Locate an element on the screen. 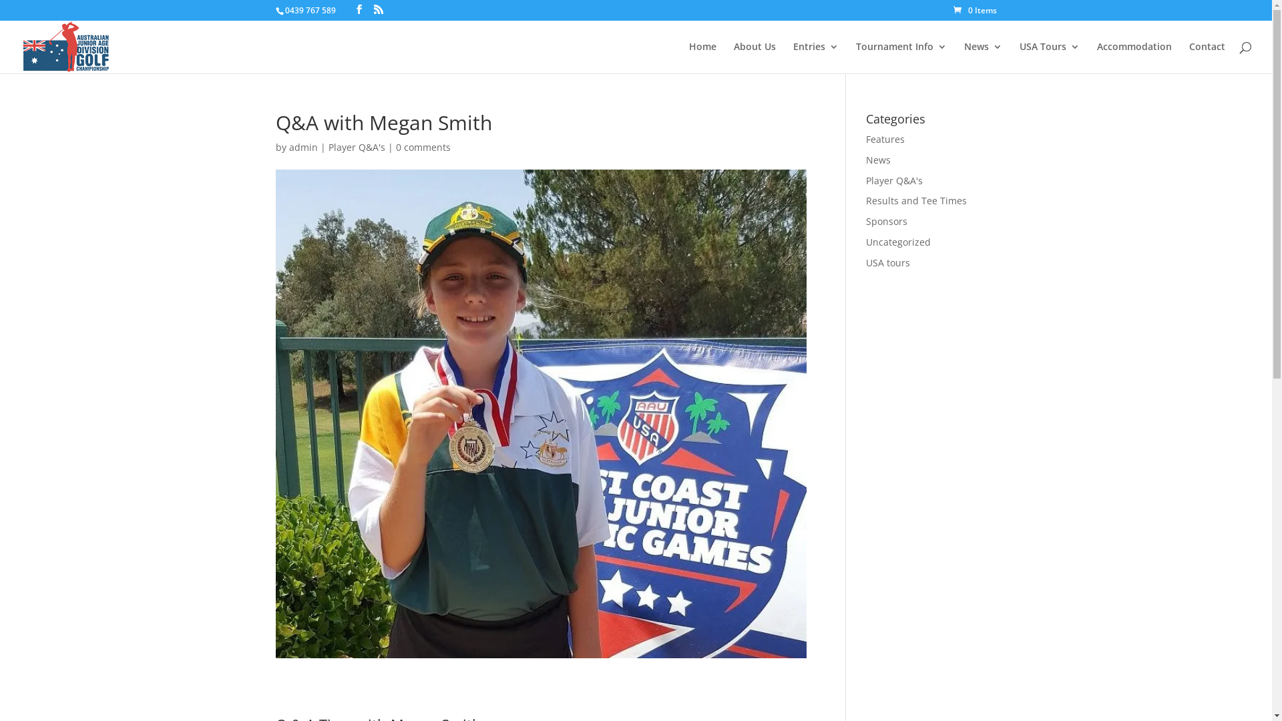 The width and height of the screenshot is (1282, 721). 'Entries' is located at coordinates (815, 57).